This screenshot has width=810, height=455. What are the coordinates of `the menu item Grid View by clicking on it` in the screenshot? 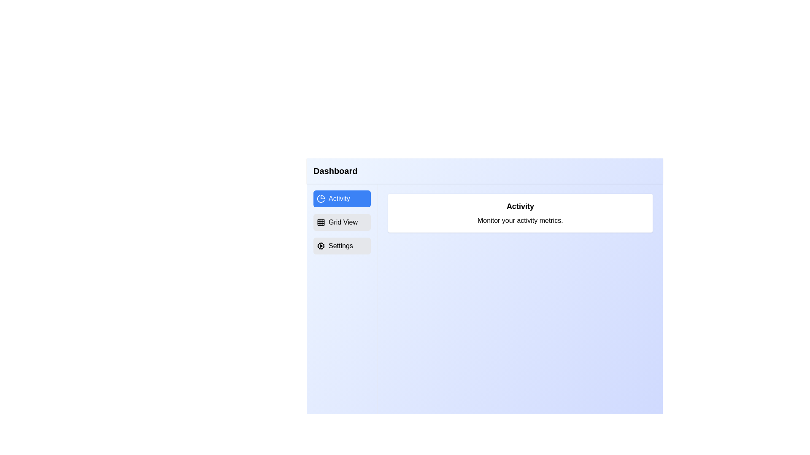 It's located at (342, 222).